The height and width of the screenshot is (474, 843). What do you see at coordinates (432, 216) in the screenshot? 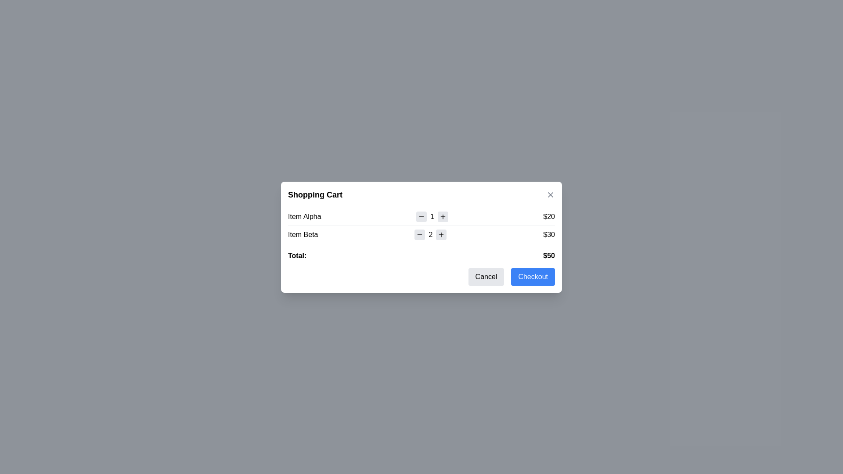
I see `the static text indicator displaying the current quantity of 'Item Alpha' in the shopping cart, located centrally in the quantity adjustment field beneath the 'Shopping Cart' heading` at bounding box center [432, 216].